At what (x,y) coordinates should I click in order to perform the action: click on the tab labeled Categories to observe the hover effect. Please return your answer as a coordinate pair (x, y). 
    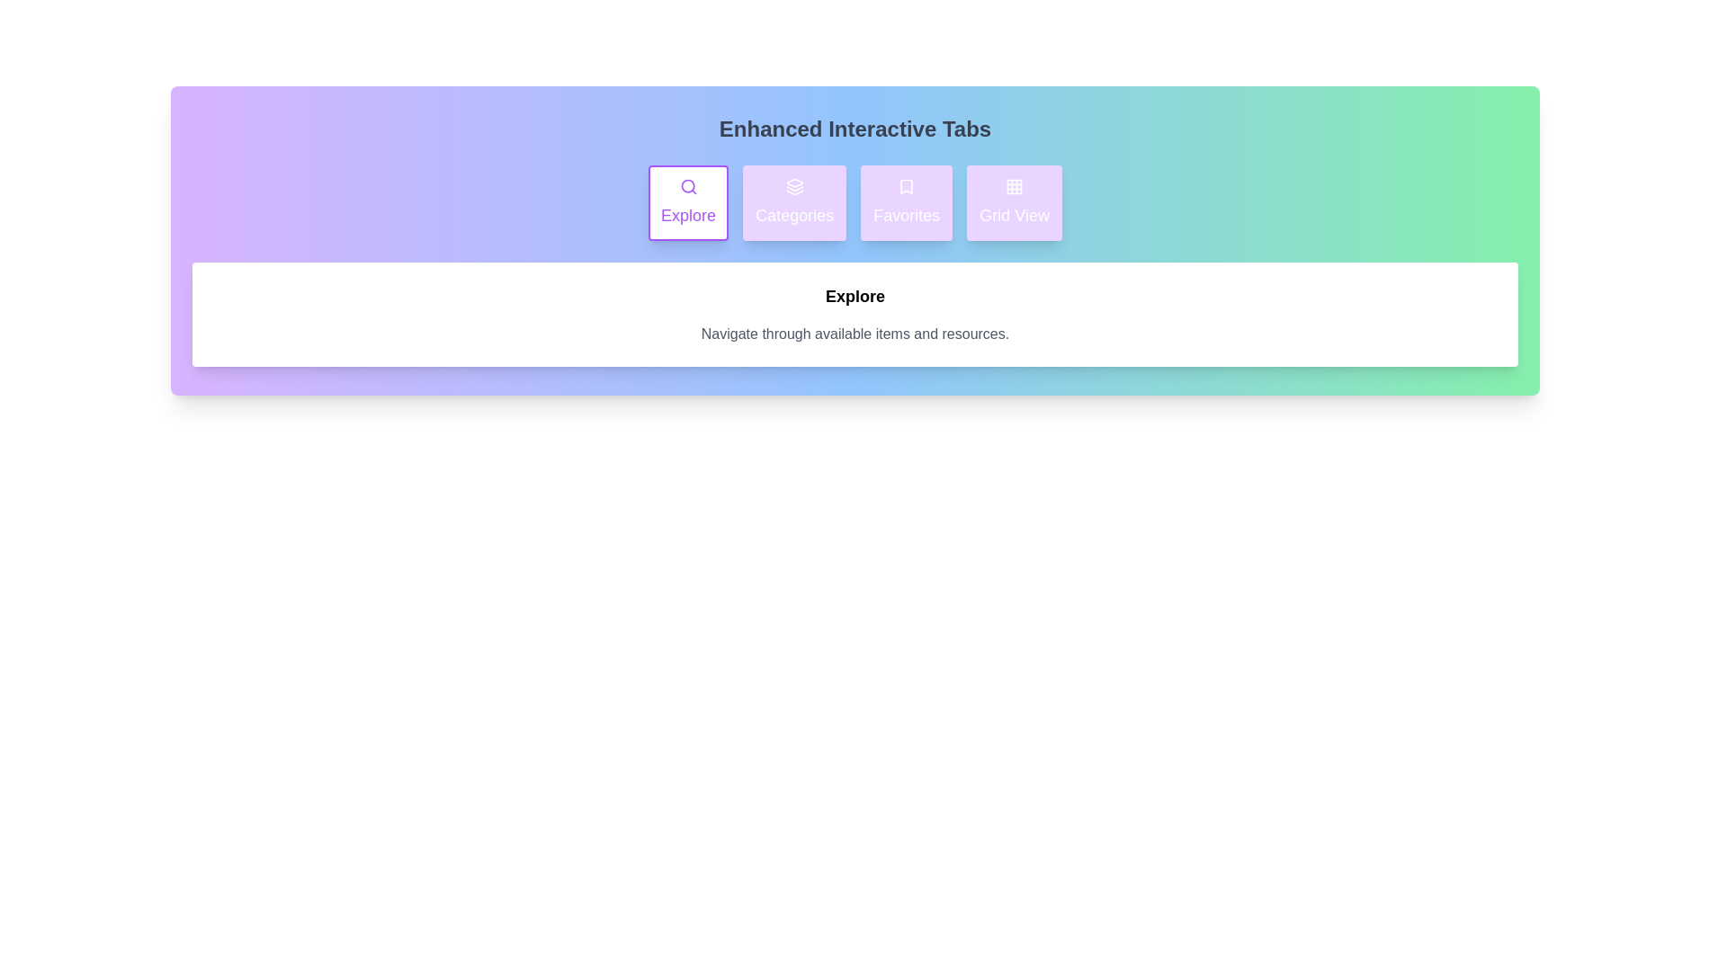
    Looking at the image, I should click on (793, 202).